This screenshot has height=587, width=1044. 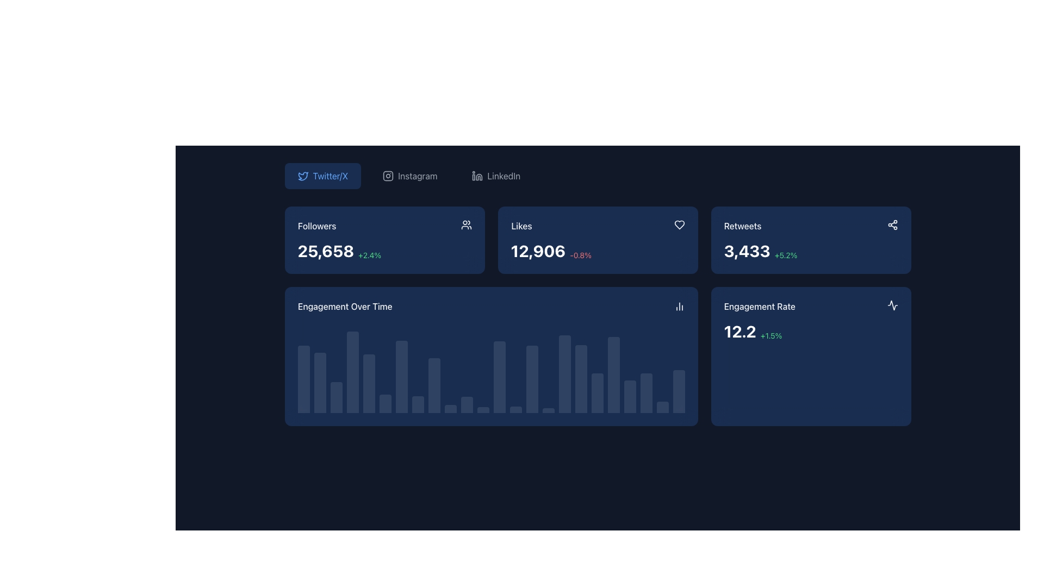 What do you see at coordinates (478, 177) in the screenshot?
I see `the human figure icon in the top navigation bar under the 'LinkedIn' heading, which is the second icon between a square-shaped figure and a circular figure` at bounding box center [478, 177].